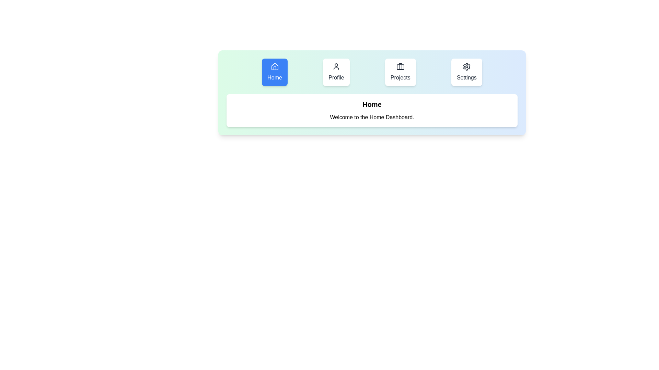 This screenshot has width=659, height=370. What do you see at coordinates (336, 72) in the screenshot?
I see `the tab labeled Profile to inspect its content` at bounding box center [336, 72].